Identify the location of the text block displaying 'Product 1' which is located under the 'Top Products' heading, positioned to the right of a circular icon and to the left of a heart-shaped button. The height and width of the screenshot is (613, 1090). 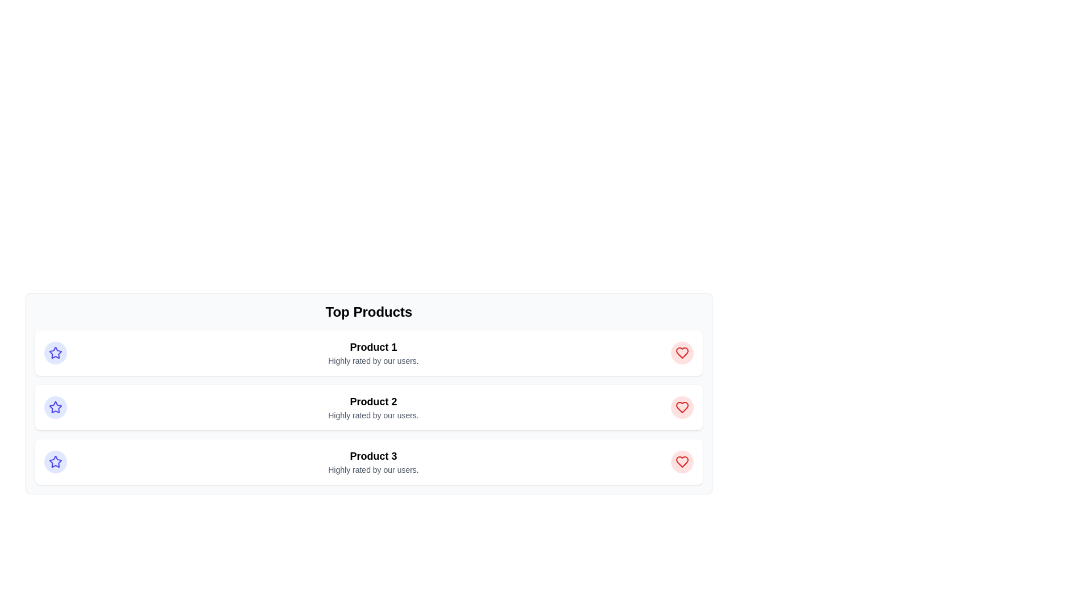
(373, 352).